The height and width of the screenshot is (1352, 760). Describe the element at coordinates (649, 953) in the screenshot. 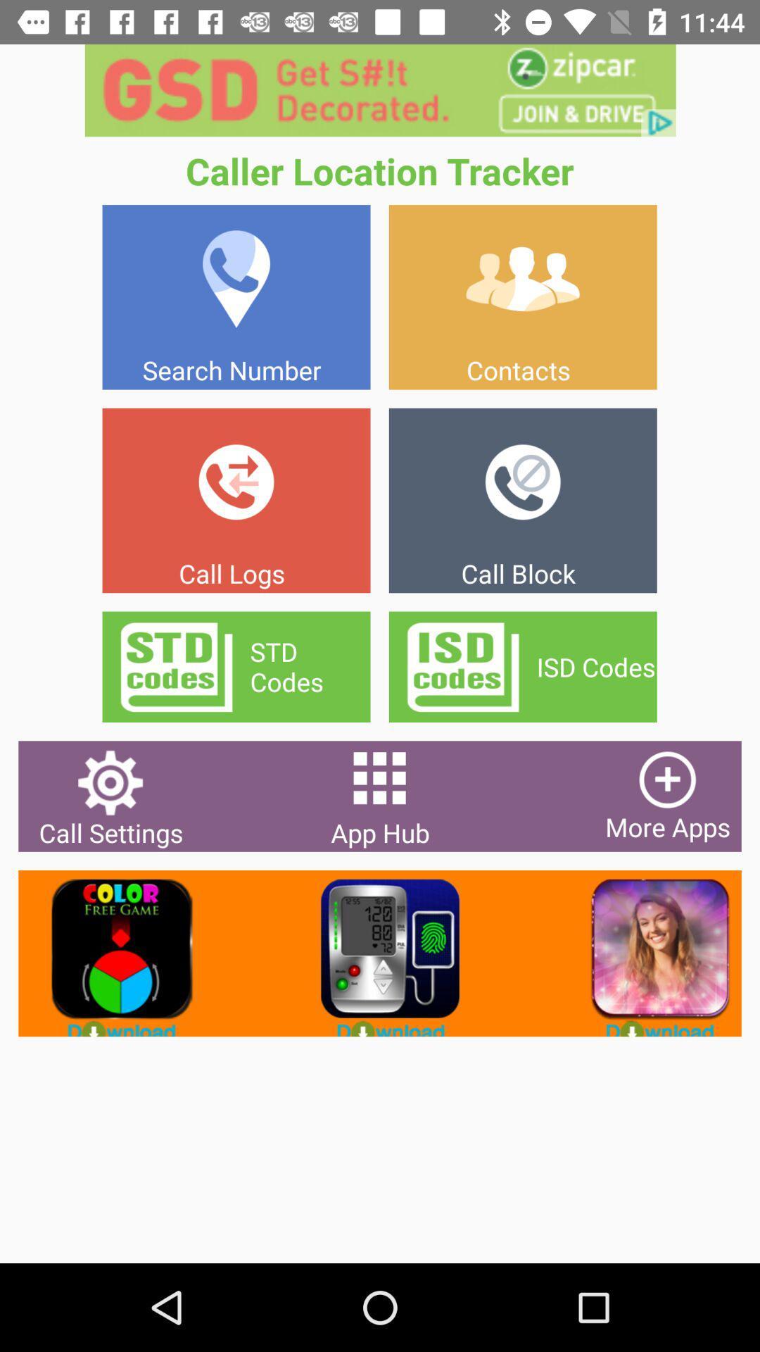

I see `download app` at that location.